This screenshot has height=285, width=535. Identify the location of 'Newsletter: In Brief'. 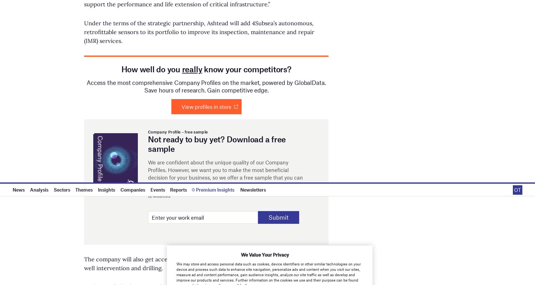
(186, 150).